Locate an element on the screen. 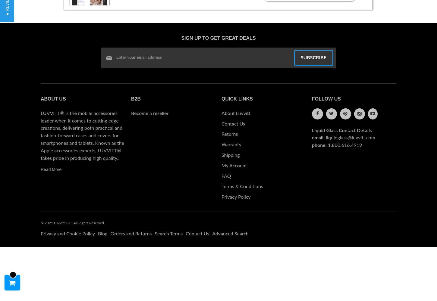 Image resolution: width=437 pixels, height=301 pixels. 'About Luvvitt' is located at coordinates (236, 113).